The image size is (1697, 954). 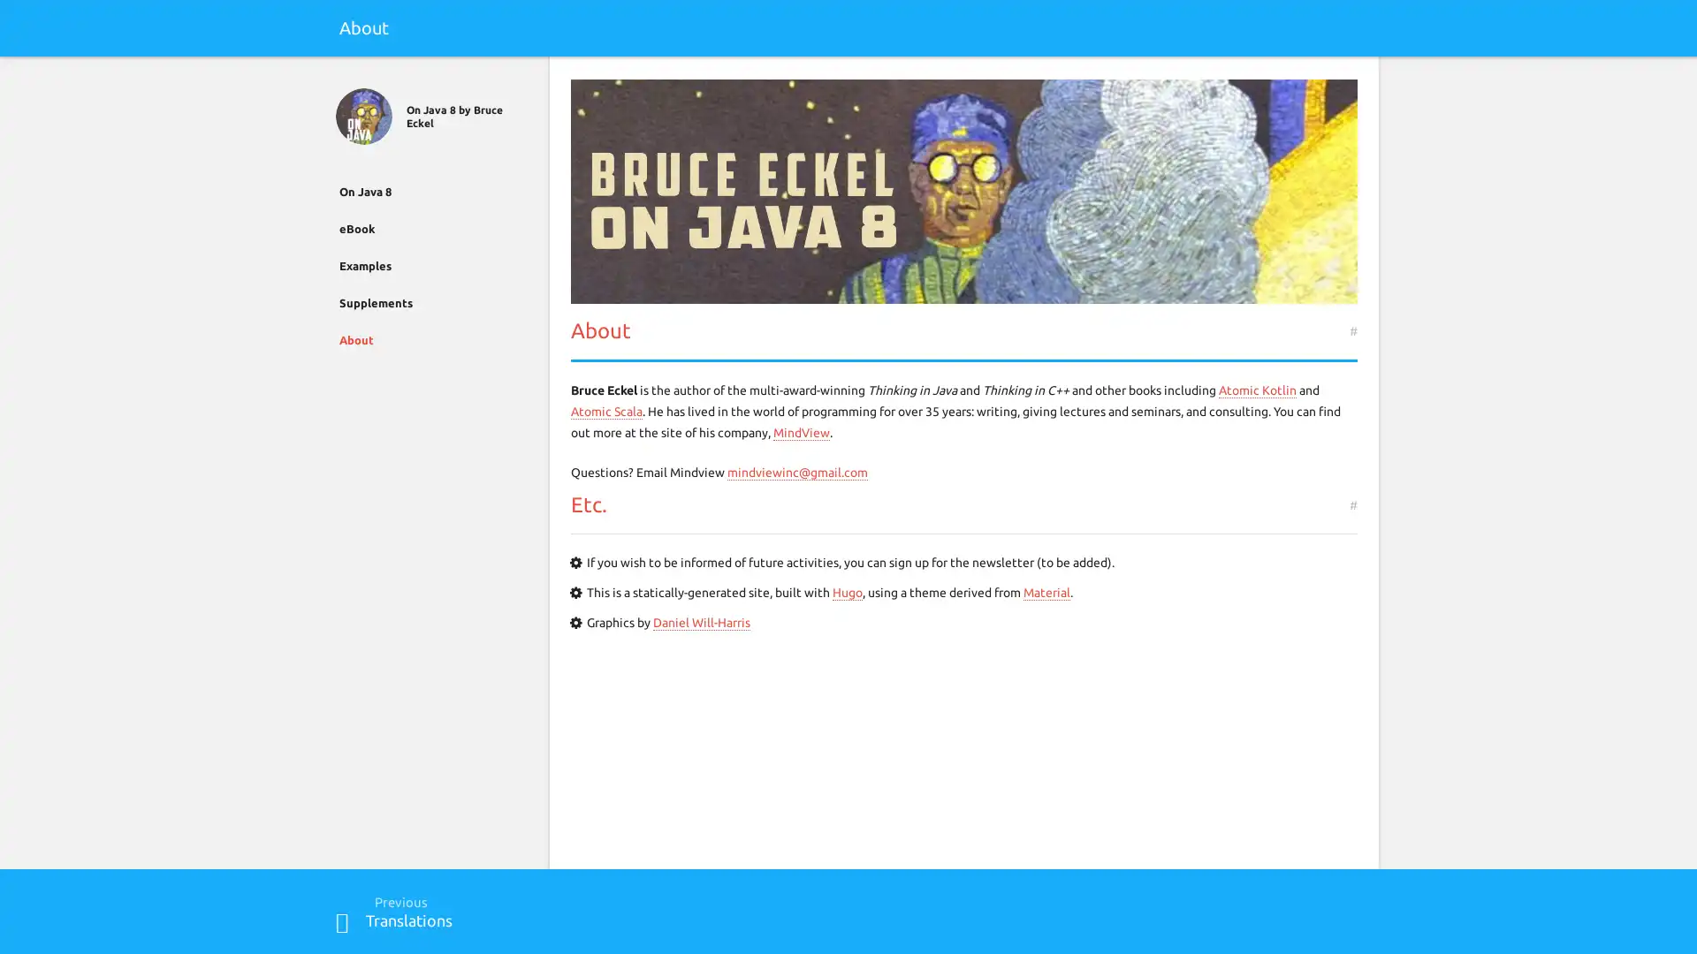 What do you see at coordinates (342, 77) in the screenshot?
I see `Close` at bounding box center [342, 77].